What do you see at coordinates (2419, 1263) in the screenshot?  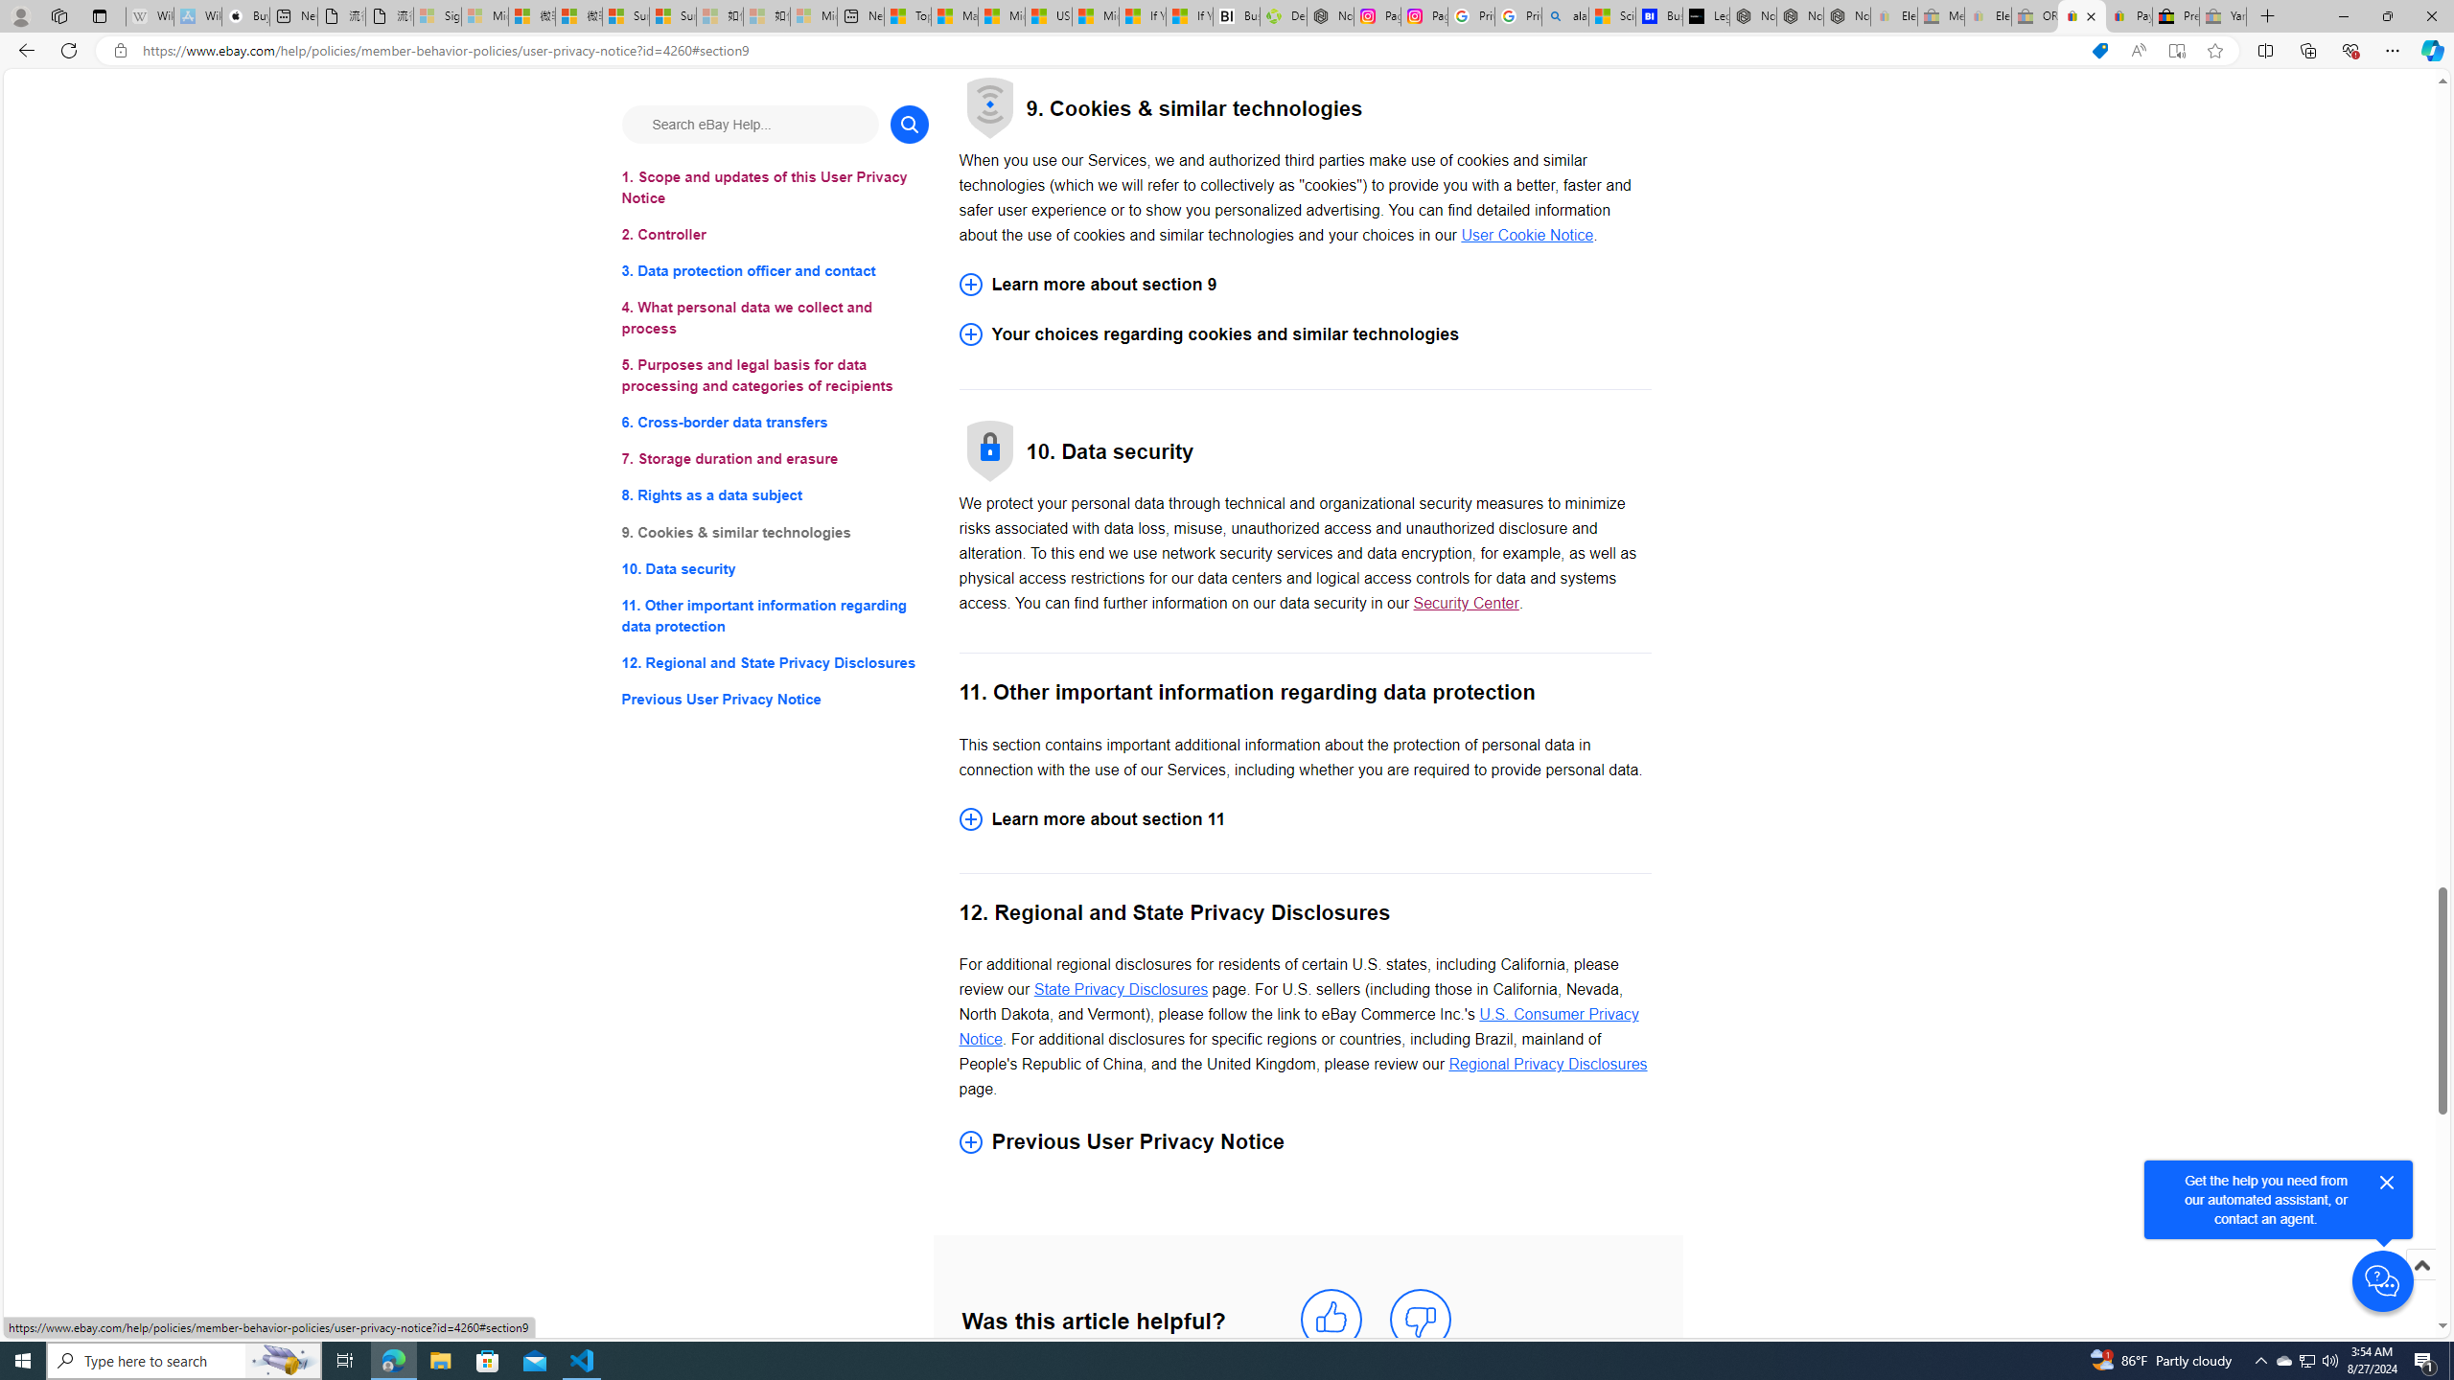 I see `'Scroll to top'` at bounding box center [2419, 1263].